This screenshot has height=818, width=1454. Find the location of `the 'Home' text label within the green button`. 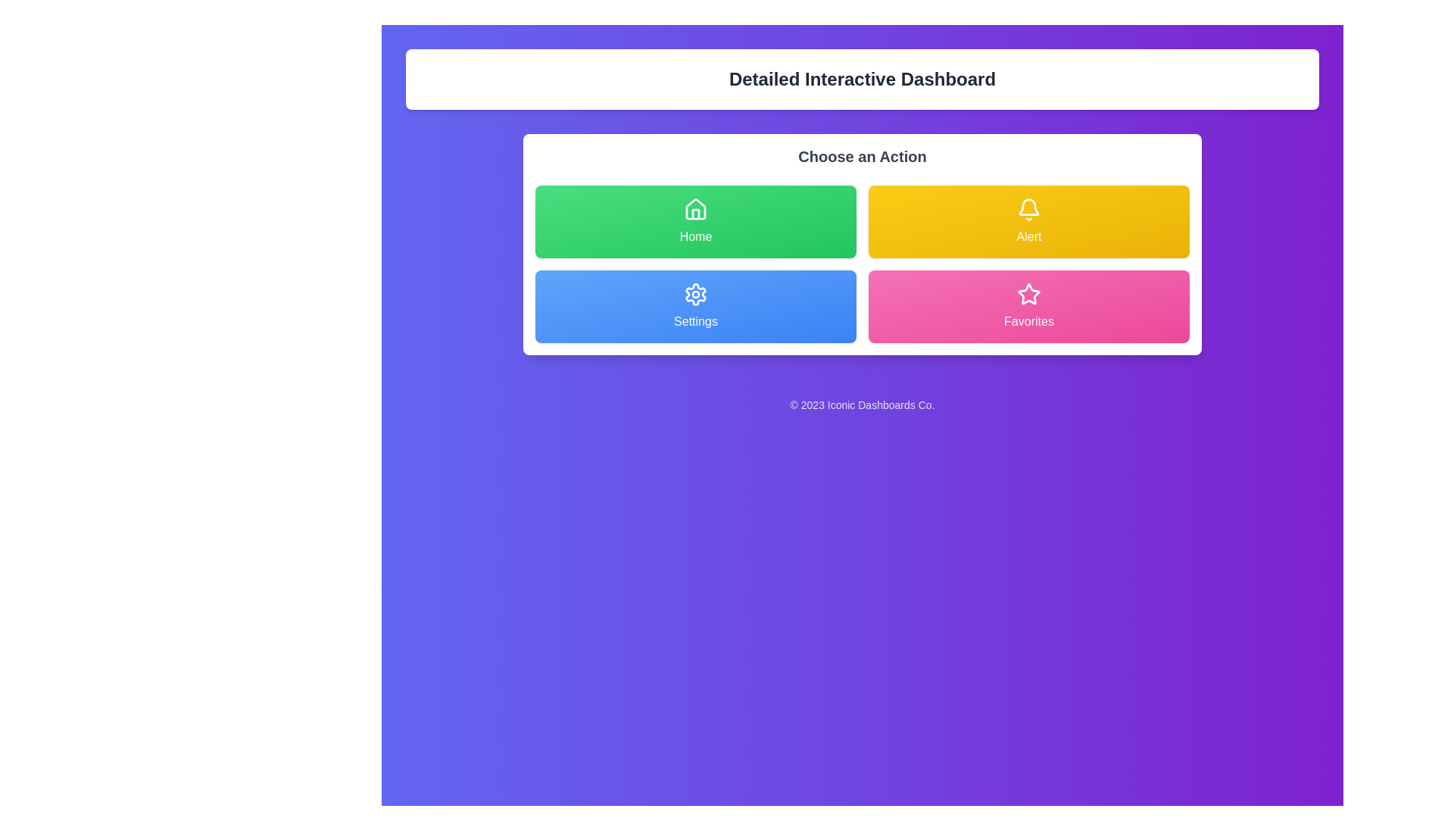

the 'Home' text label within the green button is located at coordinates (694, 236).